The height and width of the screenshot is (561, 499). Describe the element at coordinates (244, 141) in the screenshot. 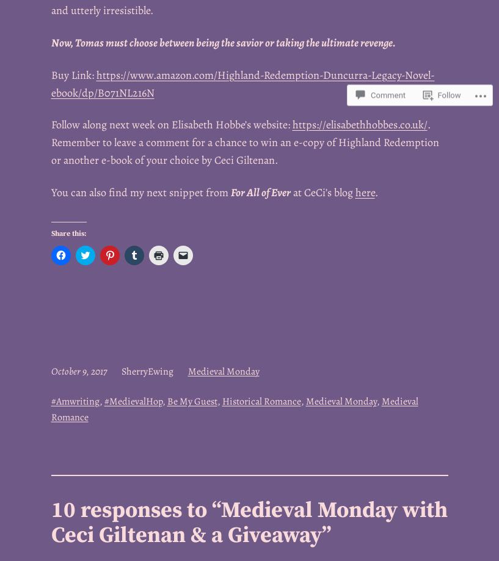

I see `'. Remember to leave a comment for a chance to win an e-copy of Highland Redemption or another e-book of your choice by Ceci Giltenan.'` at that location.